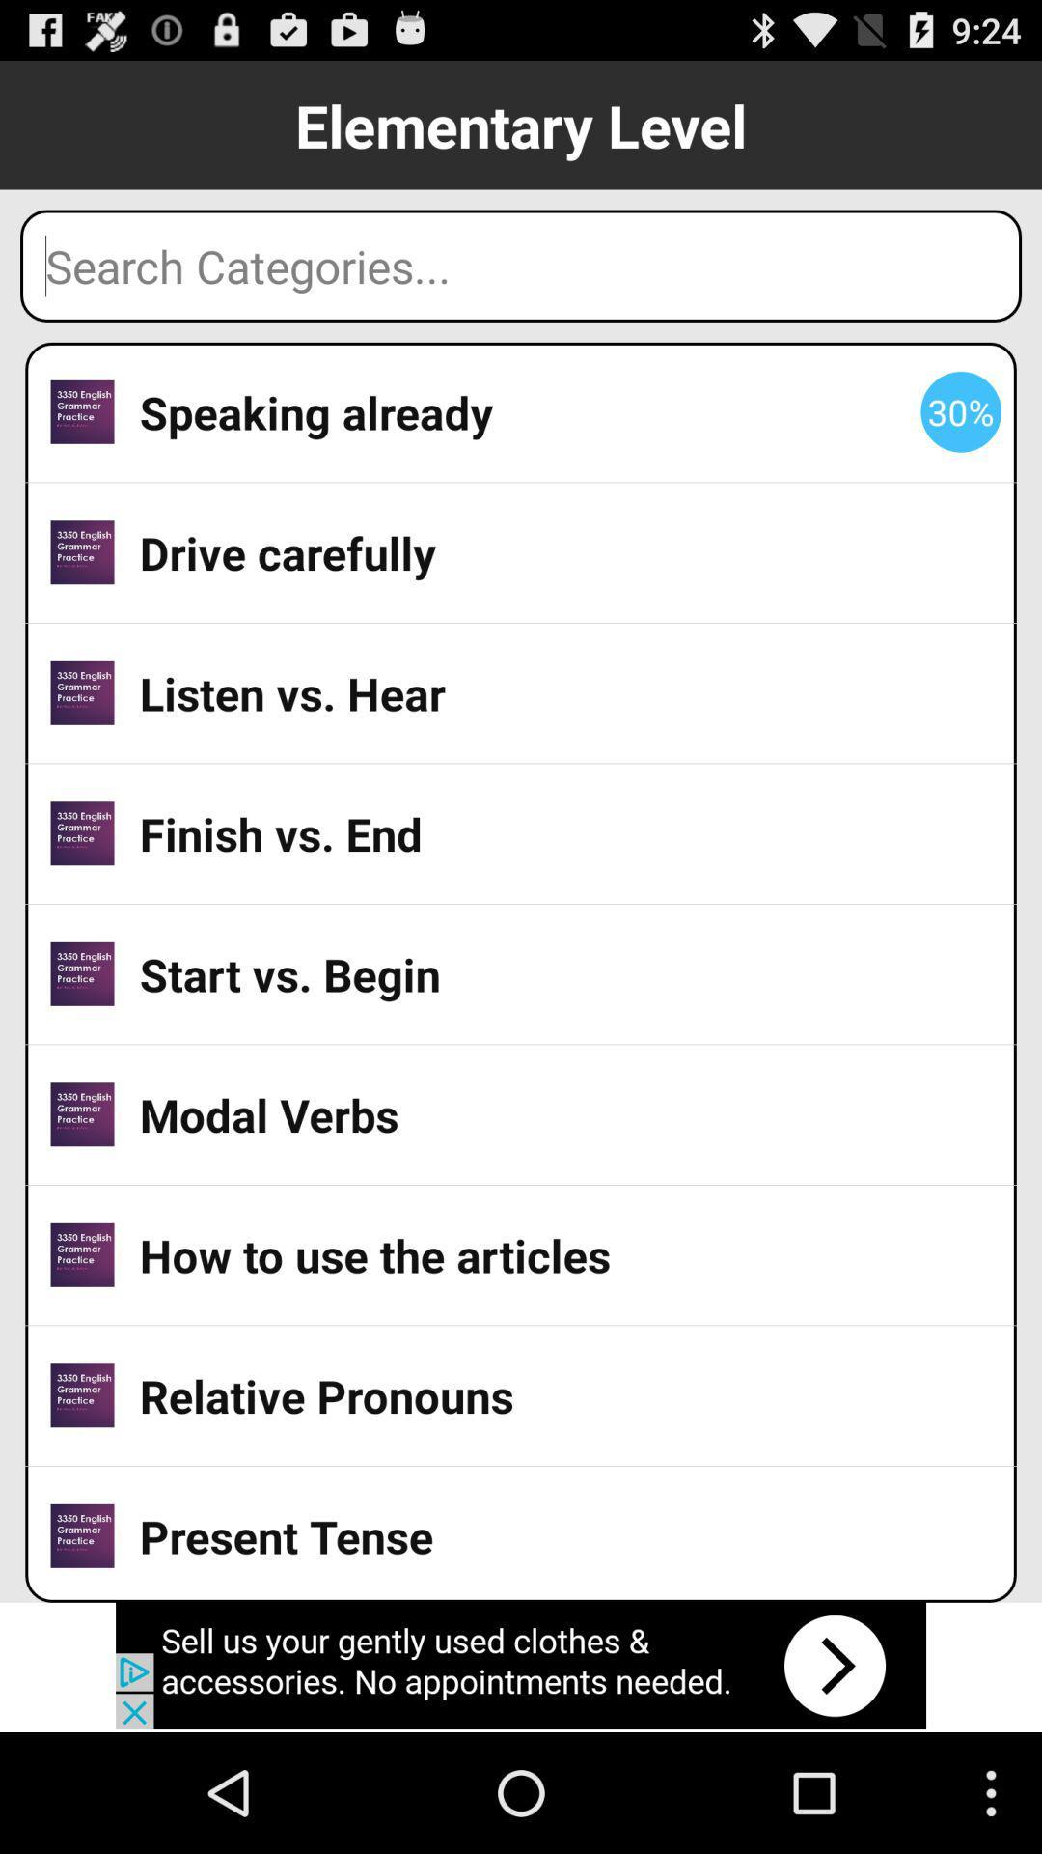 Image resolution: width=1042 pixels, height=1854 pixels. I want to click on search bar, so click(521, 265).